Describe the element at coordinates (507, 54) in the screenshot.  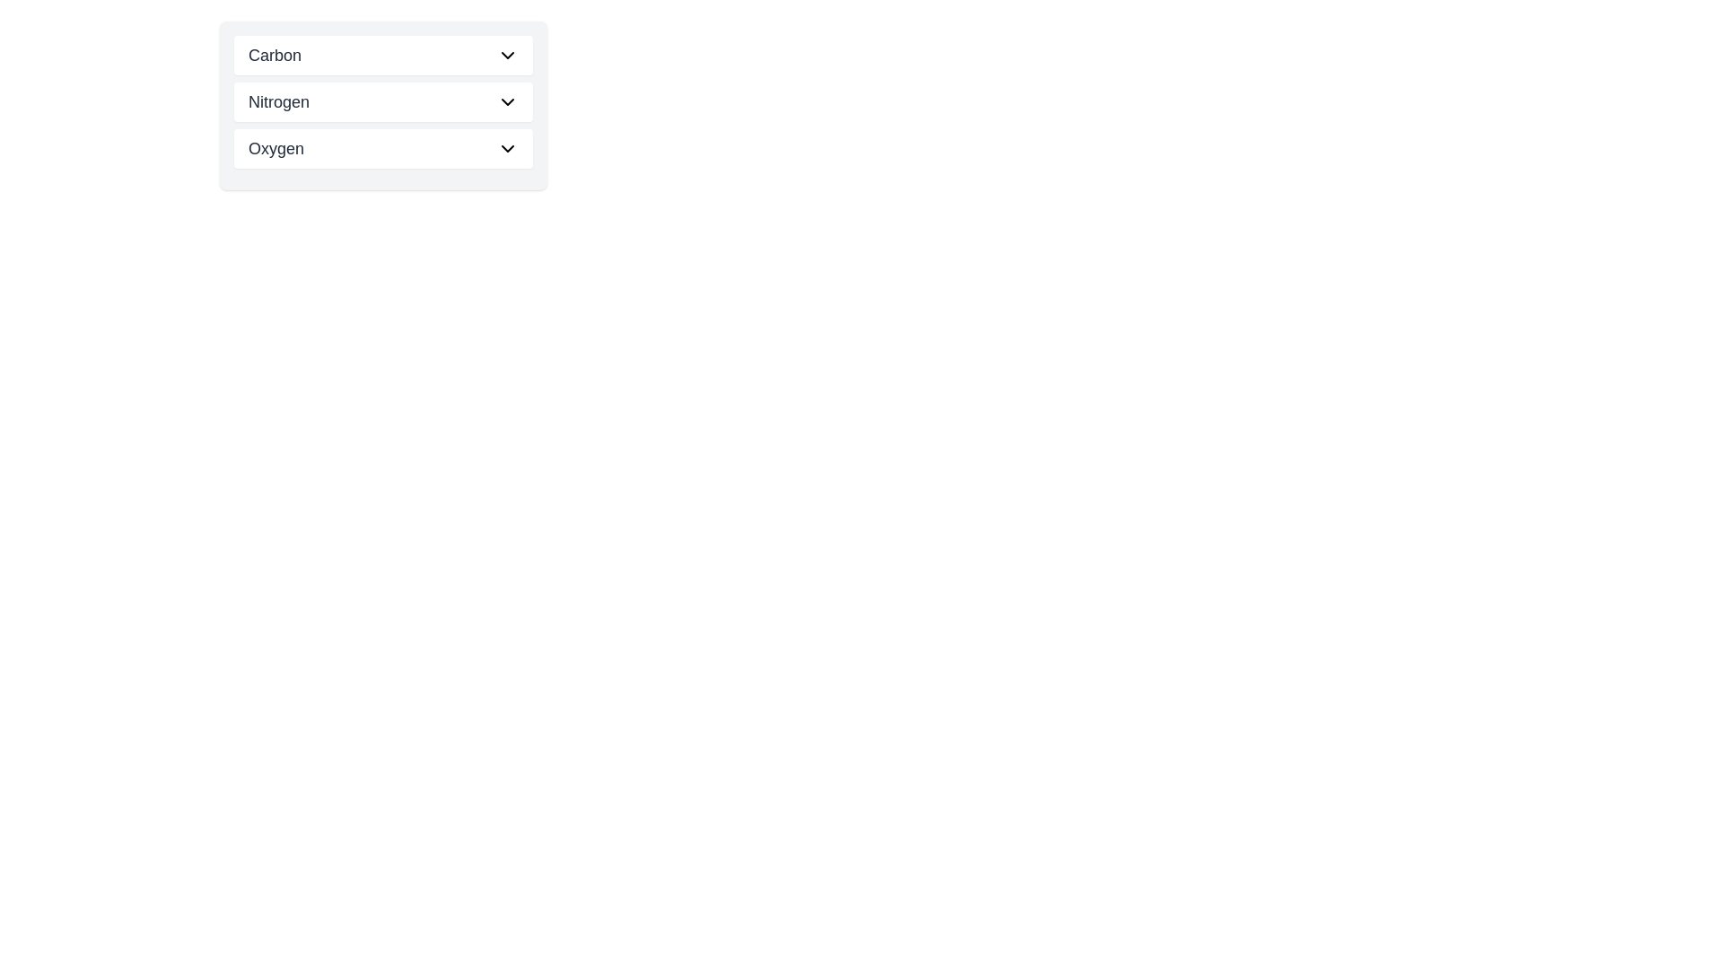
I see `the downward-facing chevron icon located to the right of the label 'Carbon'` at that location.